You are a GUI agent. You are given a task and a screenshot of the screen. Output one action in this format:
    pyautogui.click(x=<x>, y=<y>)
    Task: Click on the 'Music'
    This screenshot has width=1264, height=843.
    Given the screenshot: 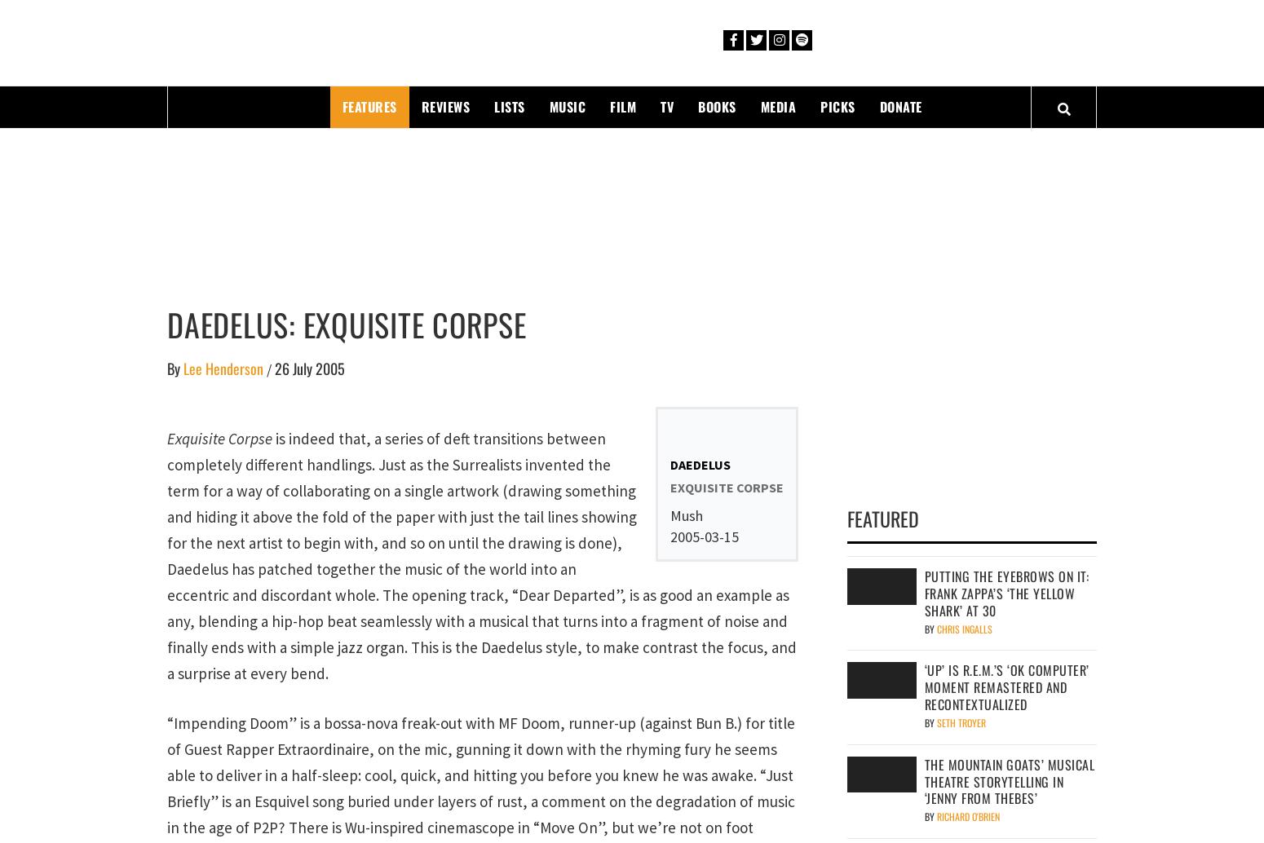 What is the action you would take?
    pyautogui.click(x=566, y=105)
    